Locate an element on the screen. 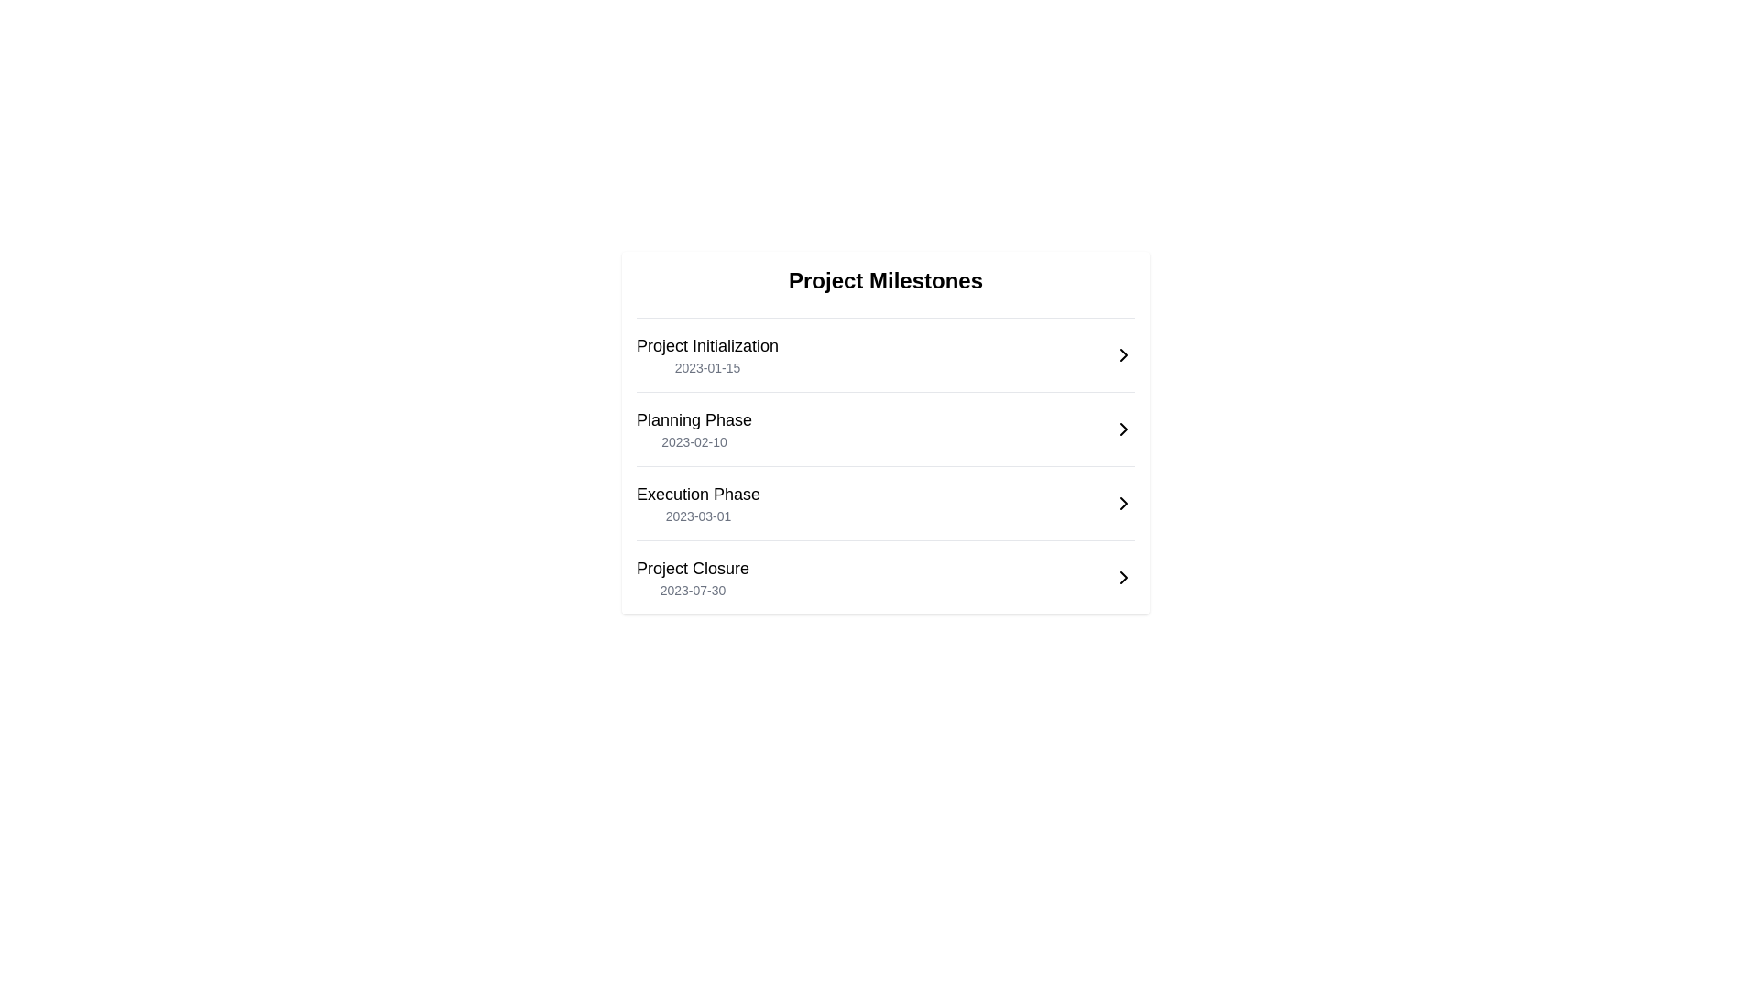  text displaying the date '2023-07-30' located below the 'Project Closure' label in the 'Project Milestones' list is located at coordinates (692, 590).